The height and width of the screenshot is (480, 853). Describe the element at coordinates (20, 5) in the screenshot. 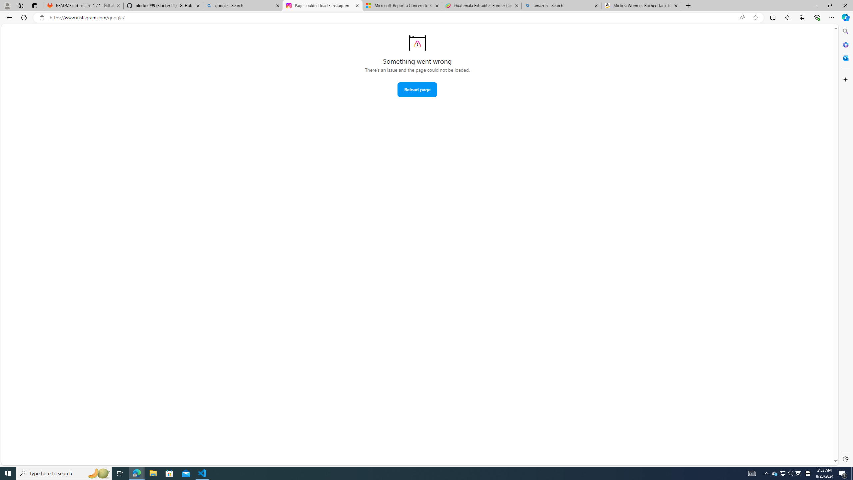

I see `'Workspaces'` at that location.